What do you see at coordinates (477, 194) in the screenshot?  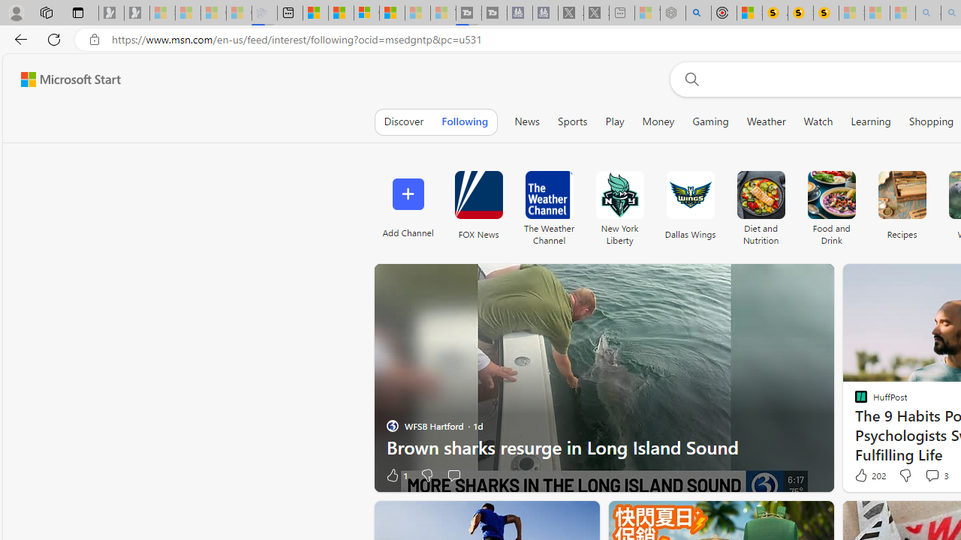 I see `'FOX News'` at bounding box center [477, 194].